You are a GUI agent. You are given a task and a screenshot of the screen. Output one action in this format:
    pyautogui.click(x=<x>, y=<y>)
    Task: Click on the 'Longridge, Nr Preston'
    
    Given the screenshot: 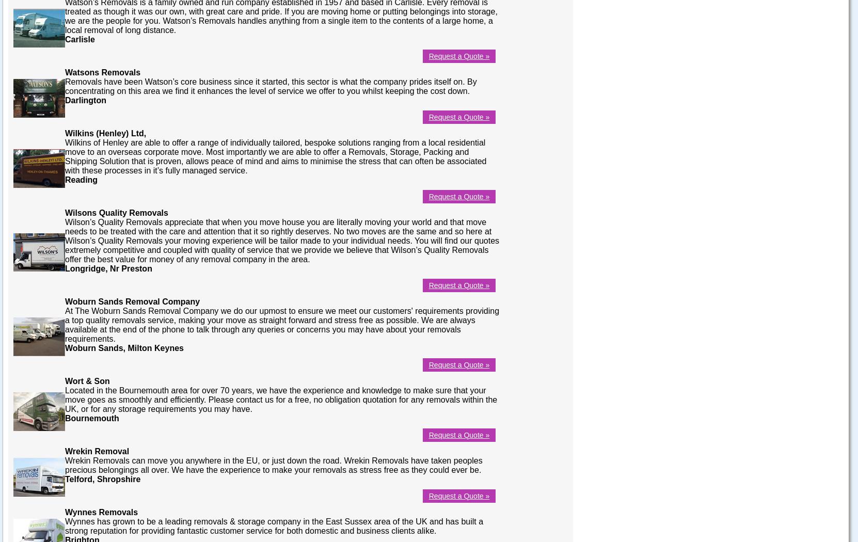 What is the action you would take?
    pyautogui.click(x=108, y=267)
    